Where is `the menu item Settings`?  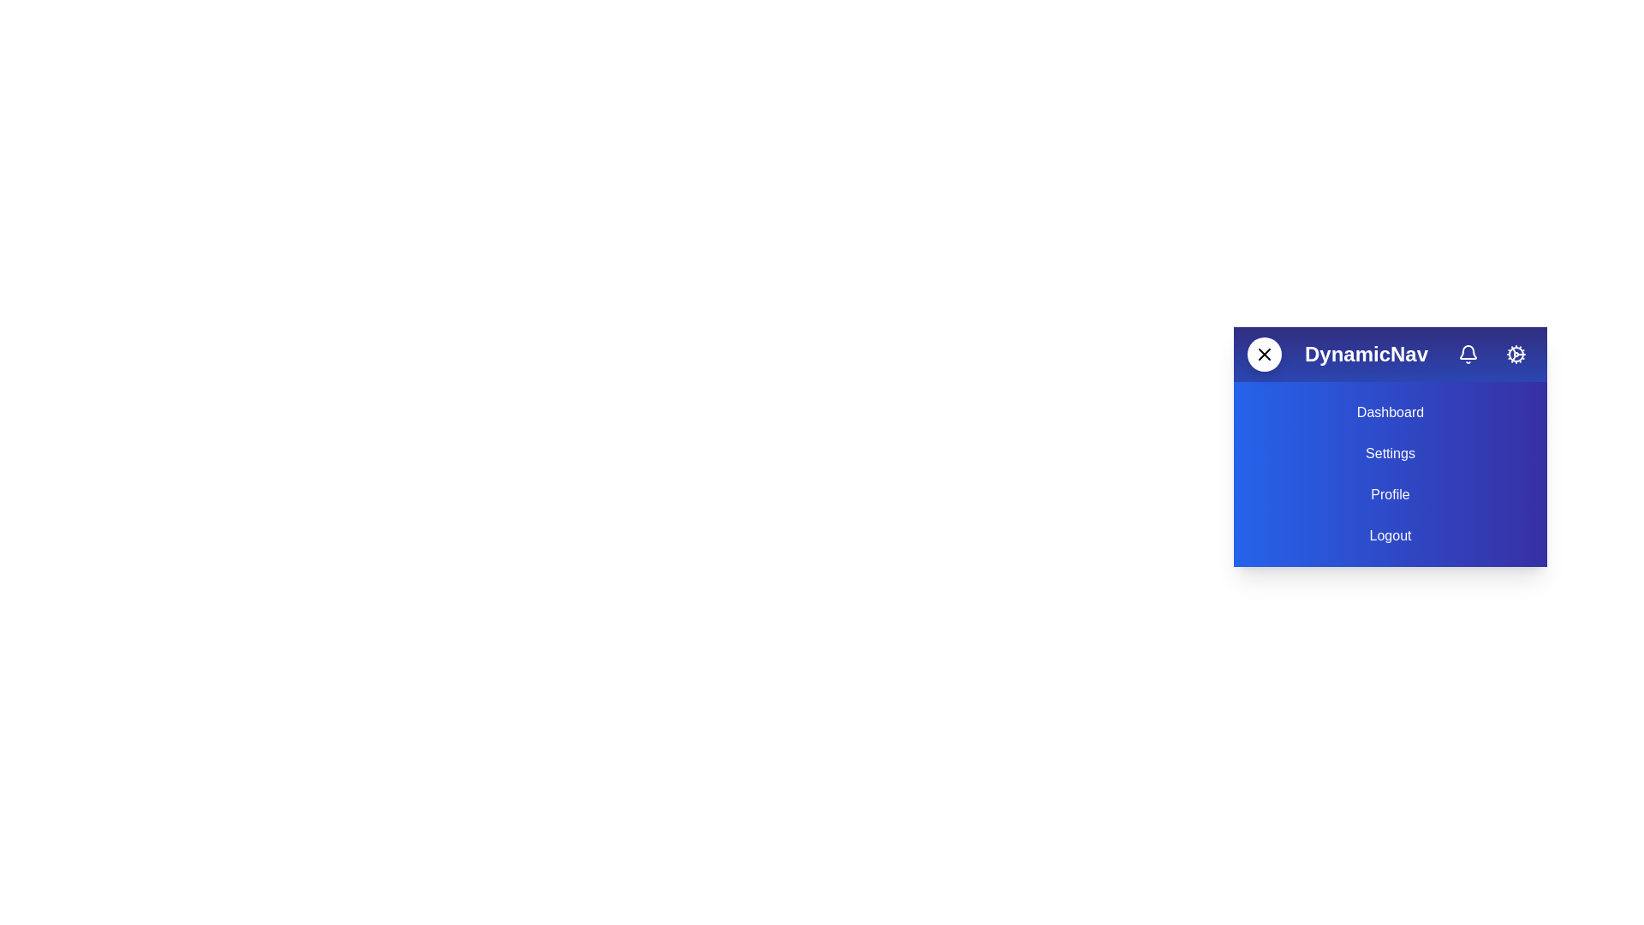 the menu item Settings is located at coordinates (1390, 452).